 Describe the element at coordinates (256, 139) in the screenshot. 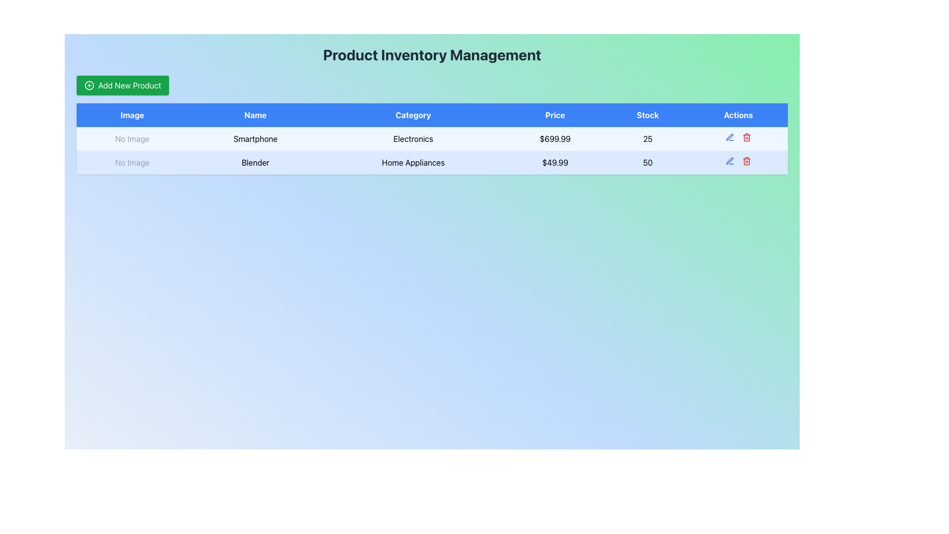

I see `the text element displaying 'Smartphone' located in the 'Name' column of the first data row in a table, which is set against a light blue background` at that location.